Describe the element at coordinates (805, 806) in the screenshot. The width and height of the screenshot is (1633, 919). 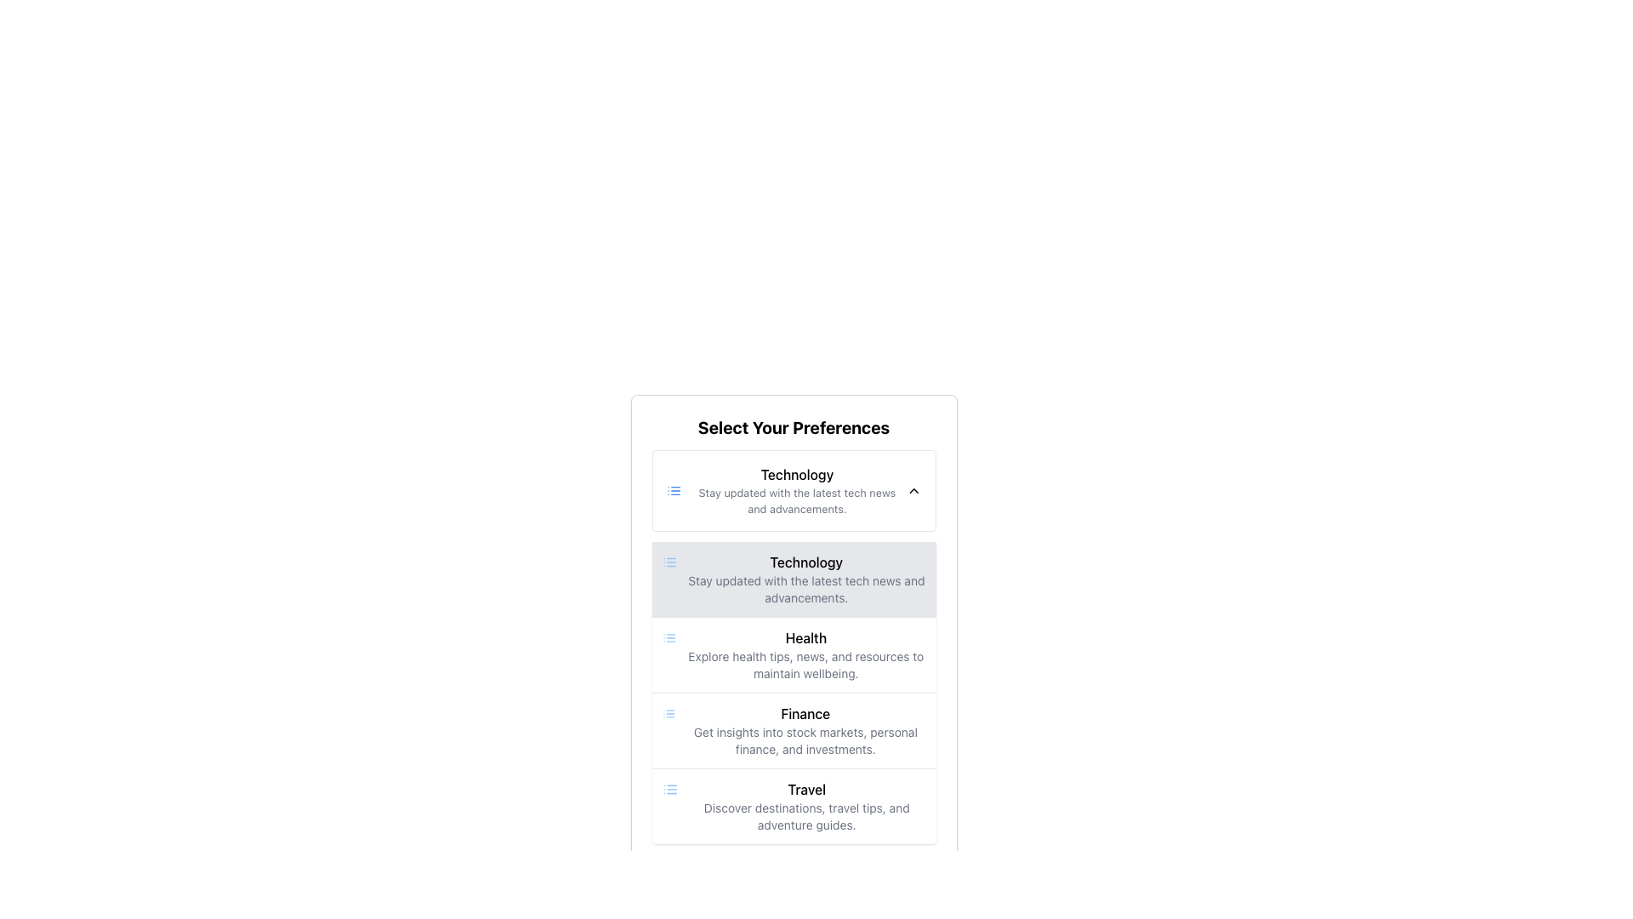
I see `the clickable list item positioned under the 'Finance' segment` at that location.